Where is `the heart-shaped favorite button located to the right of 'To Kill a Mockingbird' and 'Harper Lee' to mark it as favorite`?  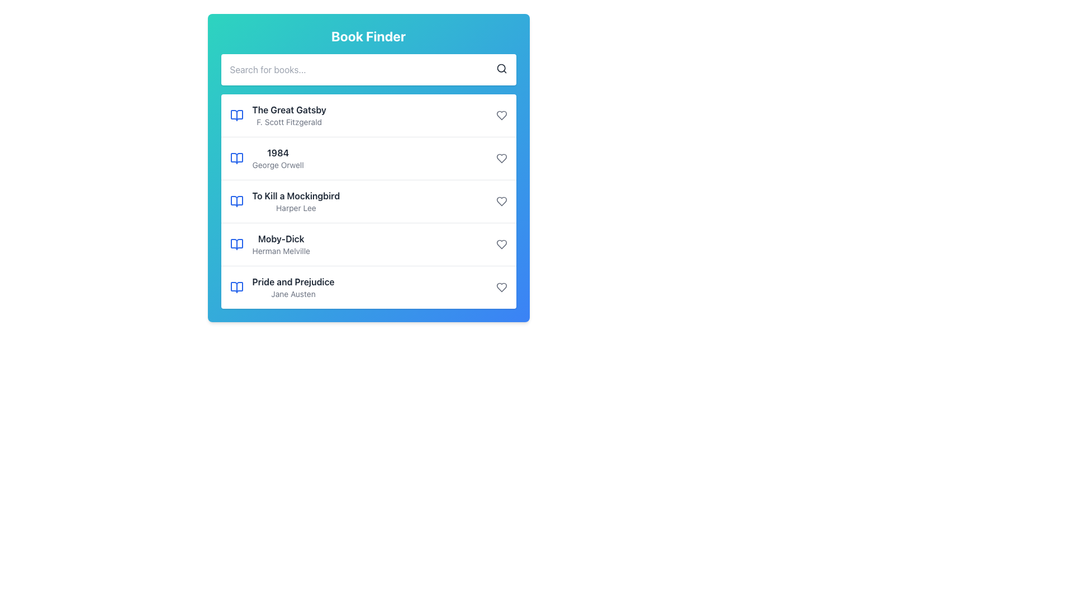 the heart-shaped favorite button located to the right of 'To Kill a Mockingbird' and 'Harper Lee' to mark it as favorite is located at coordinates (501, 202).